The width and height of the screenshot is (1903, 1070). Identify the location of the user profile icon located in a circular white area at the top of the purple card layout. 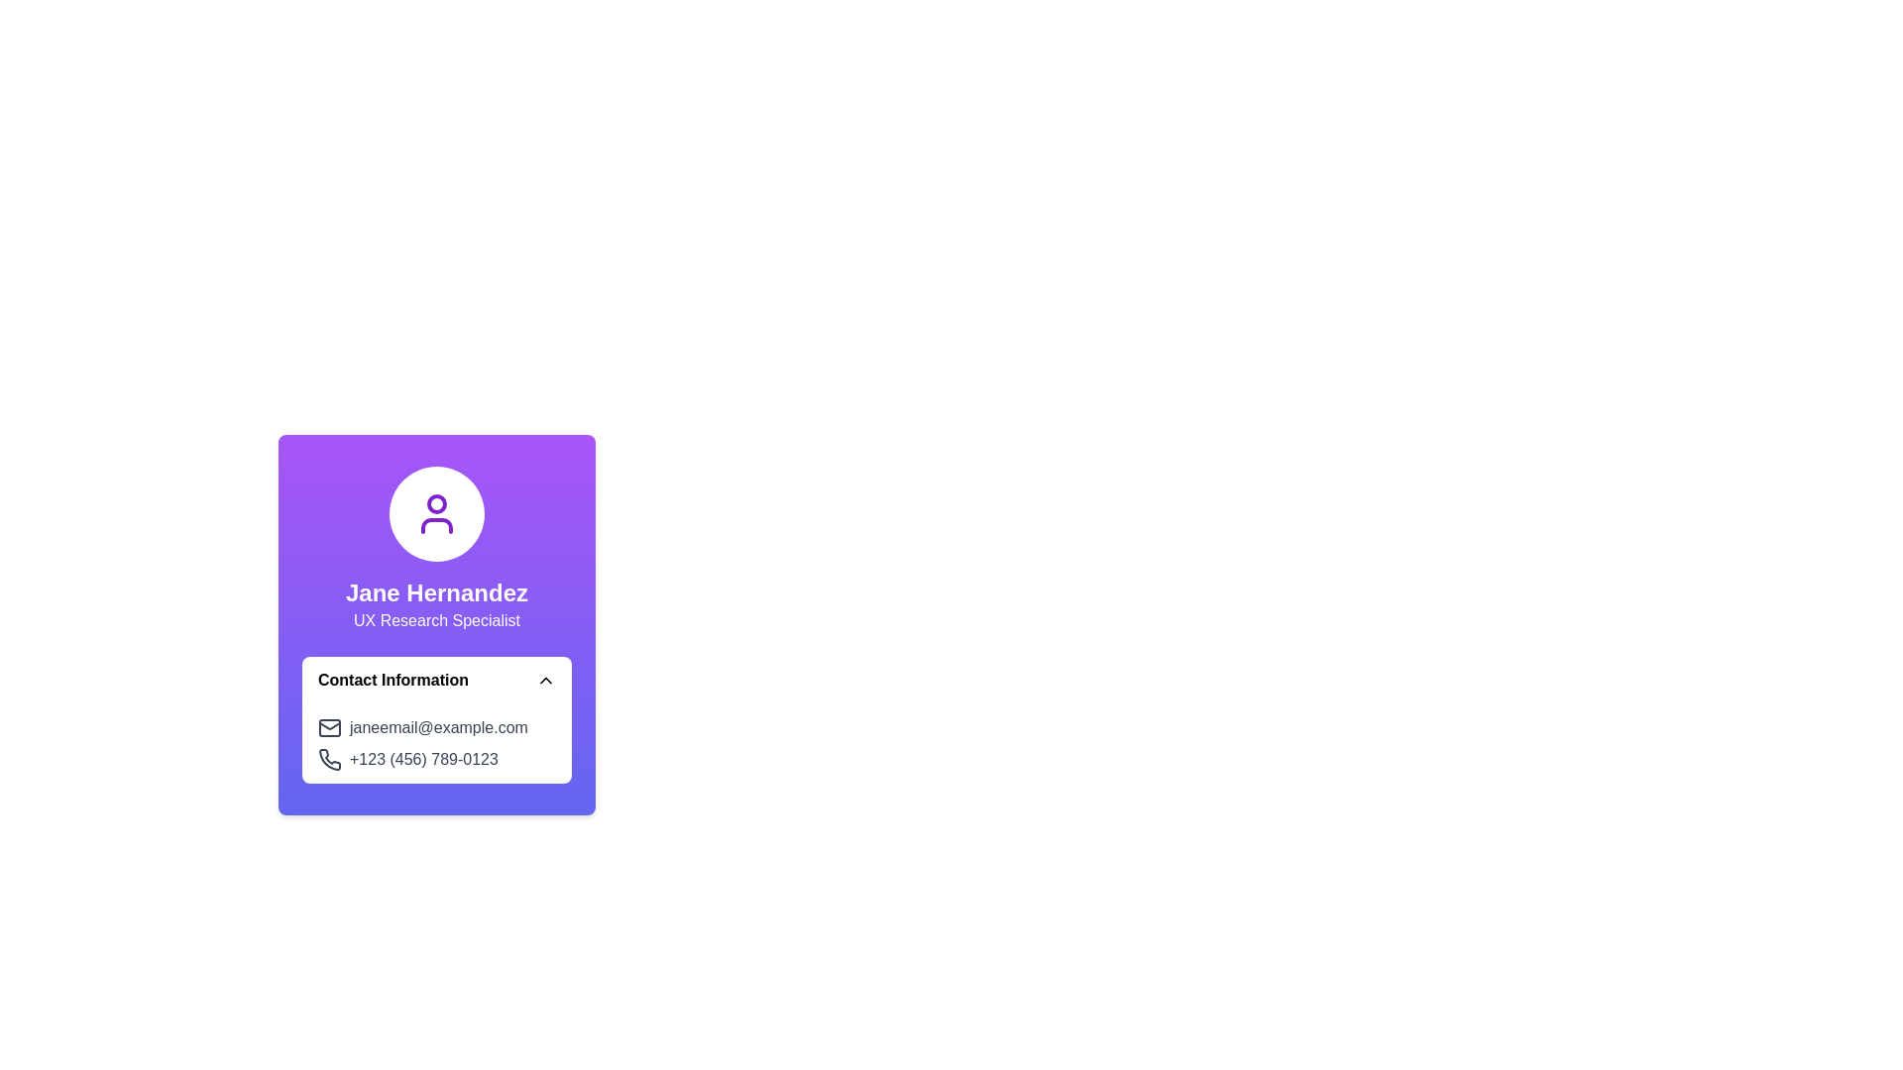
(436, 513).